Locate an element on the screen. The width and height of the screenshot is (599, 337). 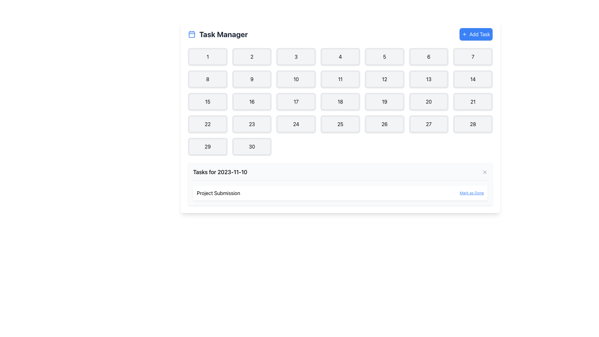
the calendar day button representing the date '27' is located at coordinates (428, 124).